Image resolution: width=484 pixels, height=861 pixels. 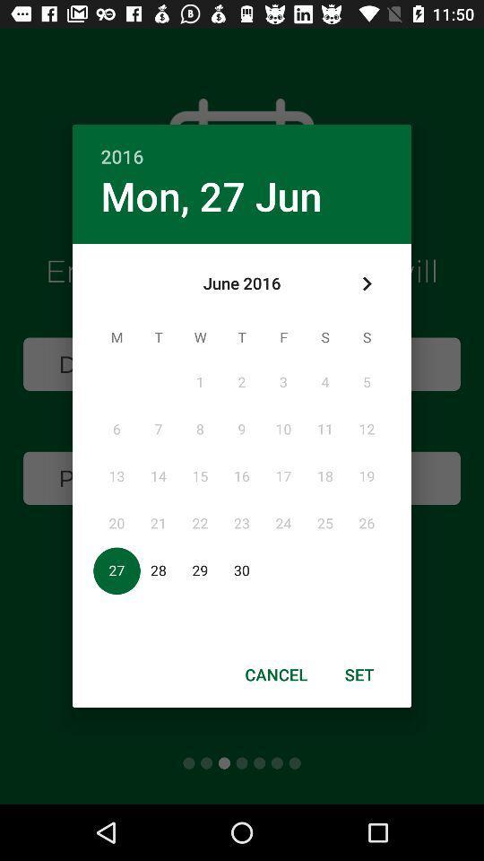 I want to click on item at the bottom, so click(x=276, y=674).